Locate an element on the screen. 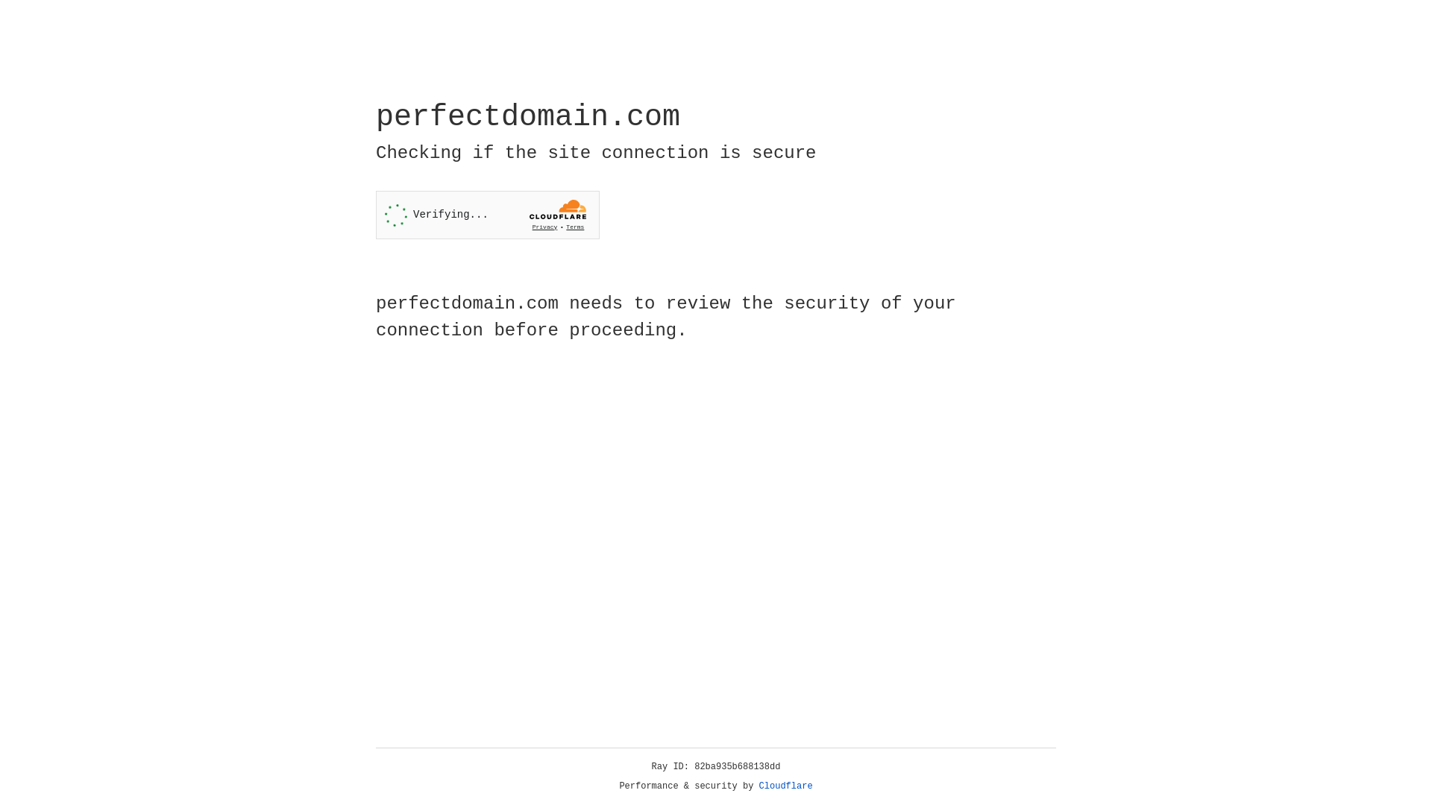  'Cloudflare' is located at coordinates (785, 786).